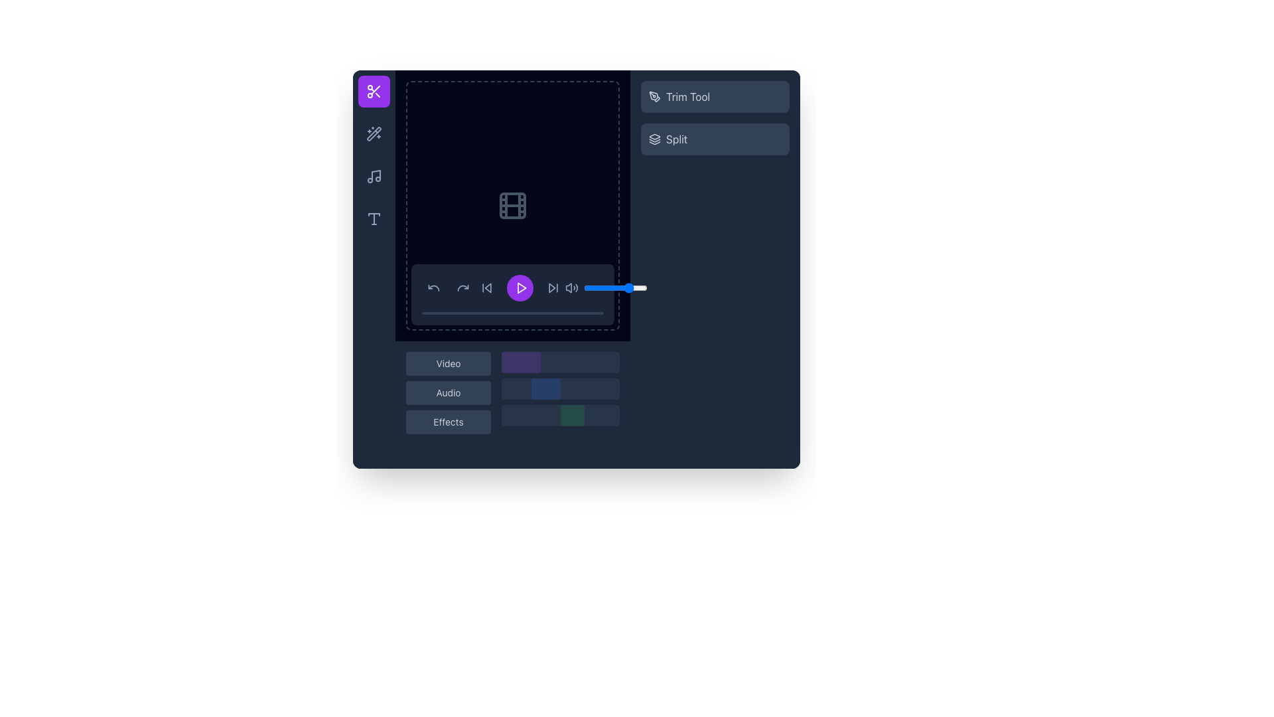 This screenshot has width=1274, height=717. I want to click on the circular button with a purple background and a white play icon in the center, so click(519, 287).